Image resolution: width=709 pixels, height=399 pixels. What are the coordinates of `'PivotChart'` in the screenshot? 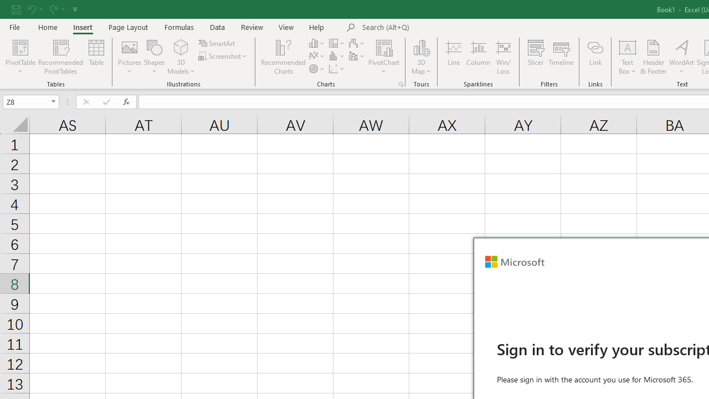 It's located at (384, 57).